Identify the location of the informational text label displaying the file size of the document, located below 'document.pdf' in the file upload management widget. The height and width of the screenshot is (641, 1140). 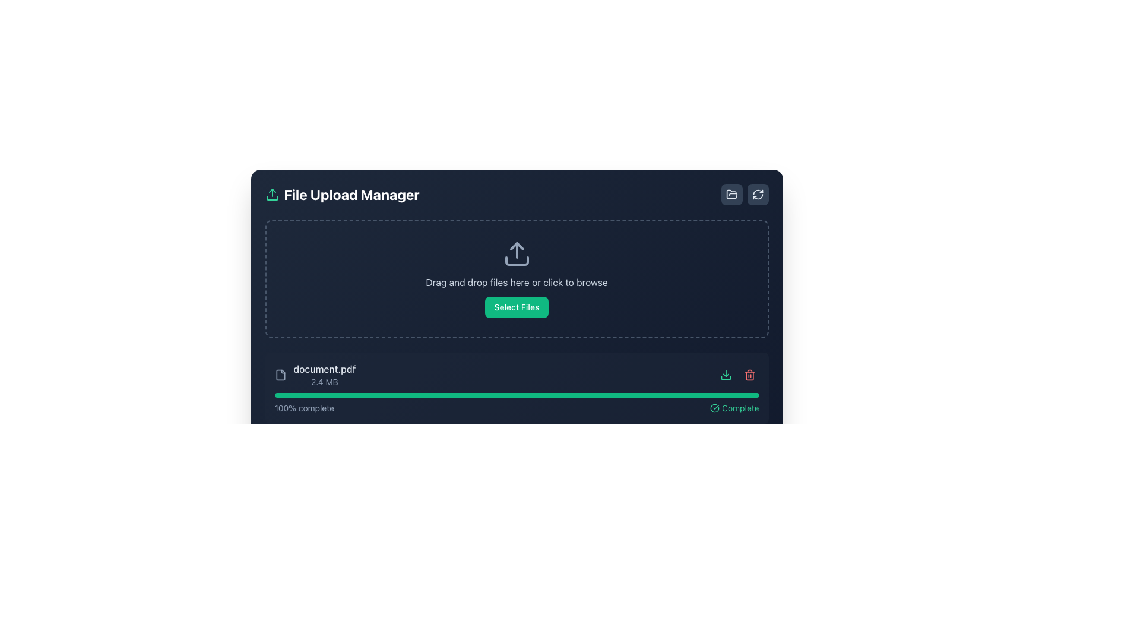
(324, 382).